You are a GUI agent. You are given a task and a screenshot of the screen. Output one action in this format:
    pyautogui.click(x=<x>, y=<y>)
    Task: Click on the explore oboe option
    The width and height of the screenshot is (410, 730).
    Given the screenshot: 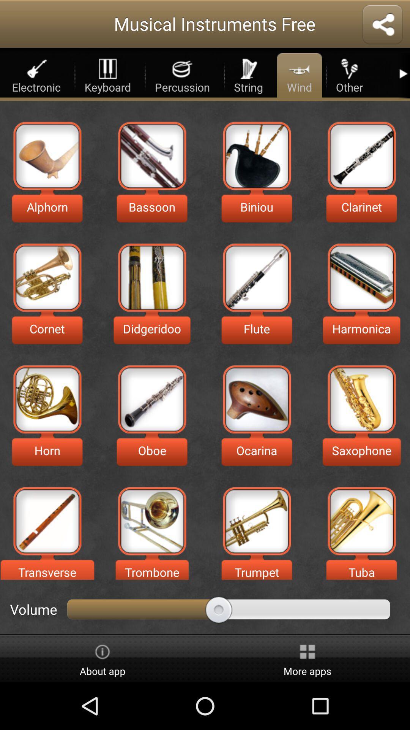 What is the action you would take?
    pyautogui.click(x=152, y=399)
    